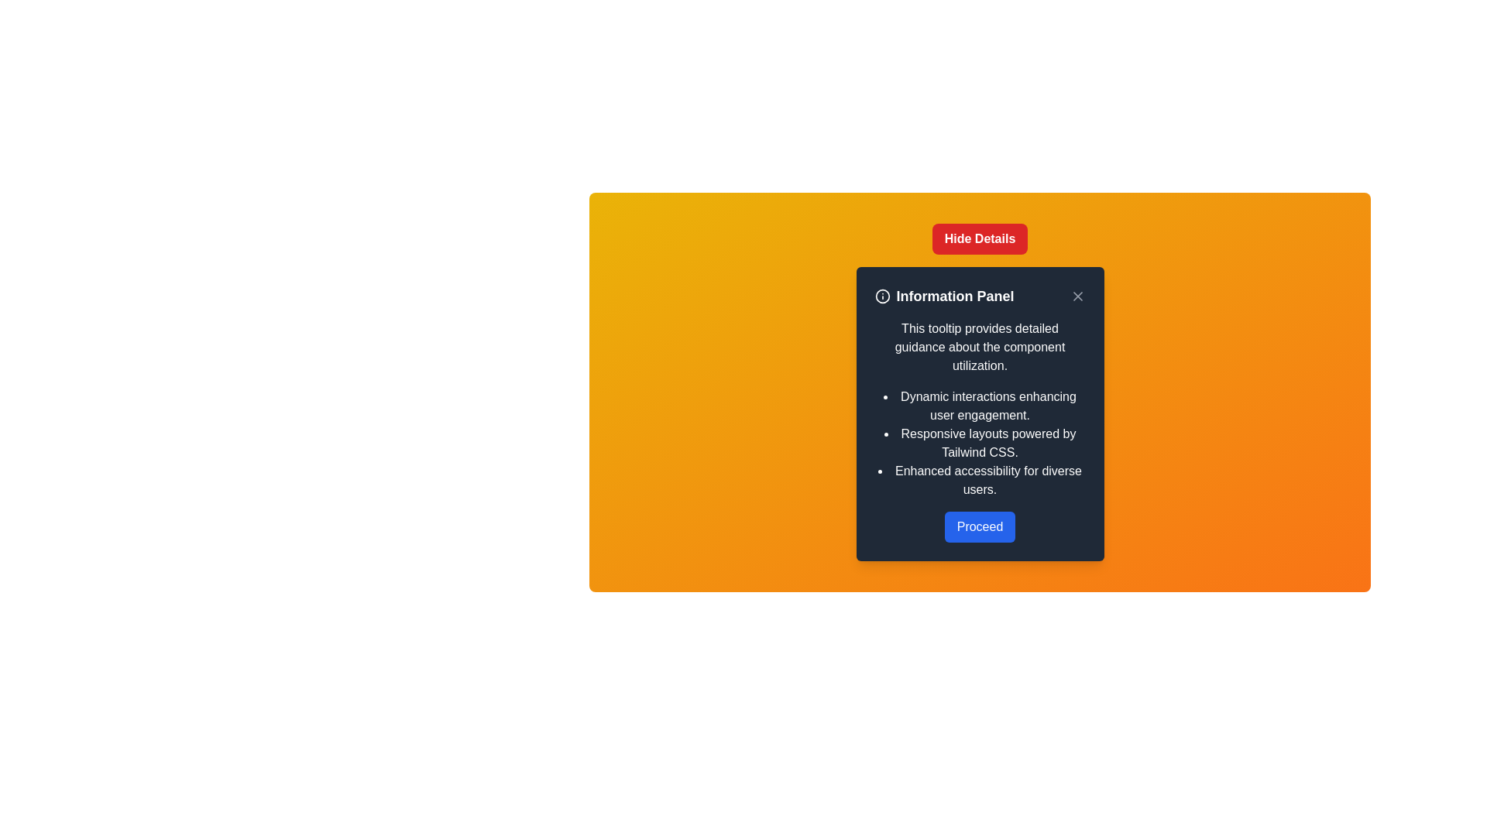  What do you see at coordinates (979, 405) in the screenshot?
I see `the text block that contains the string 'Dynamic interactions enhancing user engagement.' displayed on a dark background in the upper-middle section of the informational panel` at bounding box center [979, 405].